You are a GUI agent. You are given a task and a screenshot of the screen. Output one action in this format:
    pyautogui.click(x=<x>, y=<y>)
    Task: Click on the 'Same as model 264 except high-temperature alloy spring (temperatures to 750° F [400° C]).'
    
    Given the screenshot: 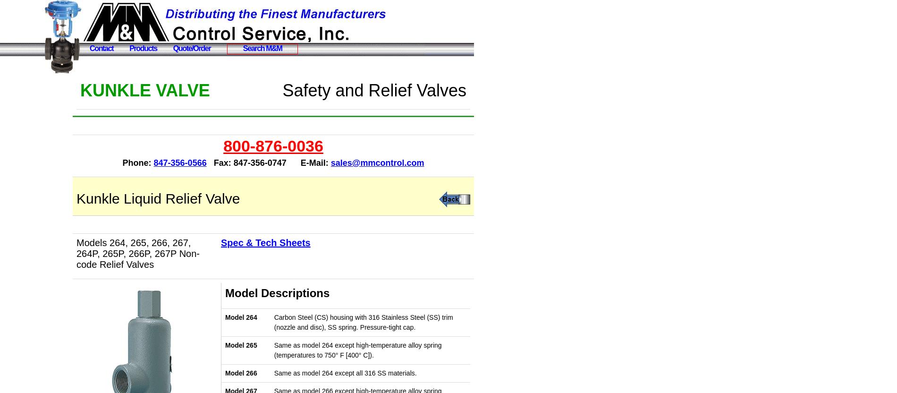 What is the action you would take?
    pyautogui.click(x=357, y=350)
    